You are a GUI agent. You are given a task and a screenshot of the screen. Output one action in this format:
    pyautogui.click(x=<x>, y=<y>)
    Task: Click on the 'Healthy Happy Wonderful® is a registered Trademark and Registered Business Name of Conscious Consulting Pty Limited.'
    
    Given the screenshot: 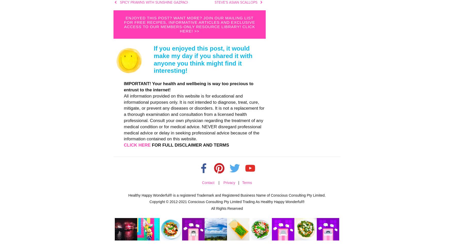 What is the action you would take?
    pyautogui.click(x=226, y=195)
    